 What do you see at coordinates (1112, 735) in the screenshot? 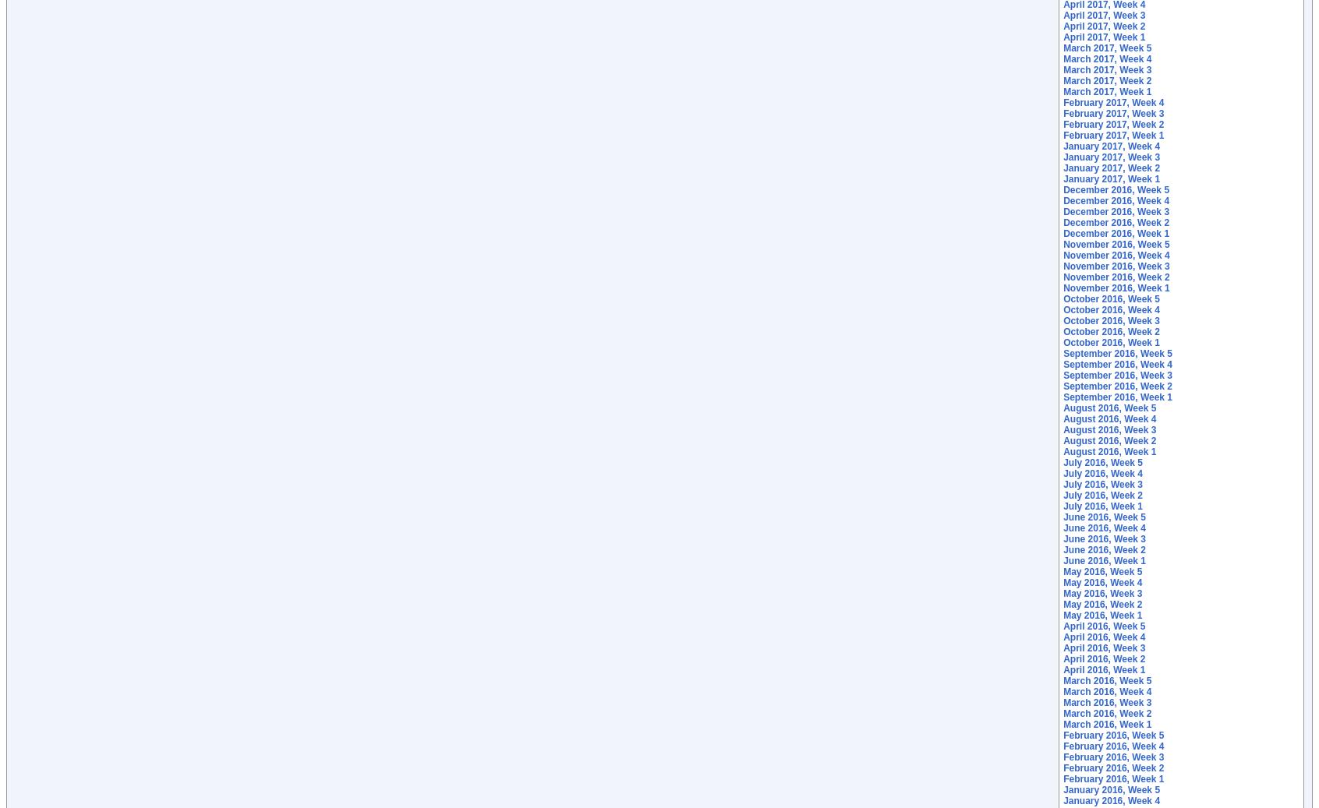
I see `'February 2016, Week 5'` at bounding box center [1112, 735].